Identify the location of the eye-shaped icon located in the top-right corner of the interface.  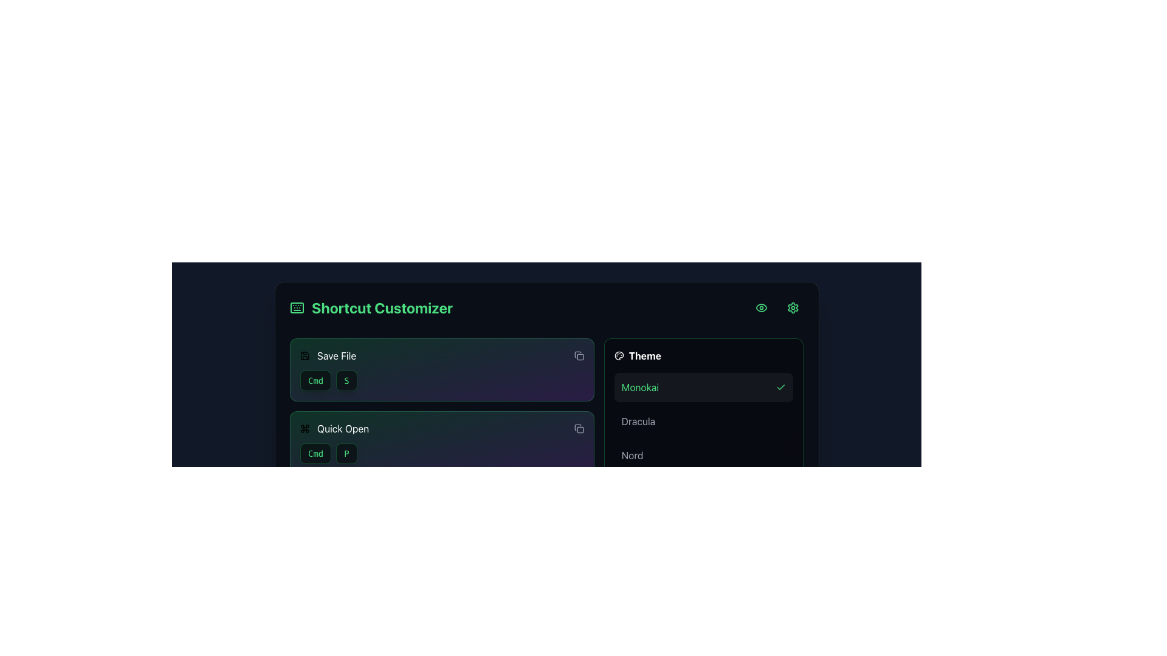
(760, 307).